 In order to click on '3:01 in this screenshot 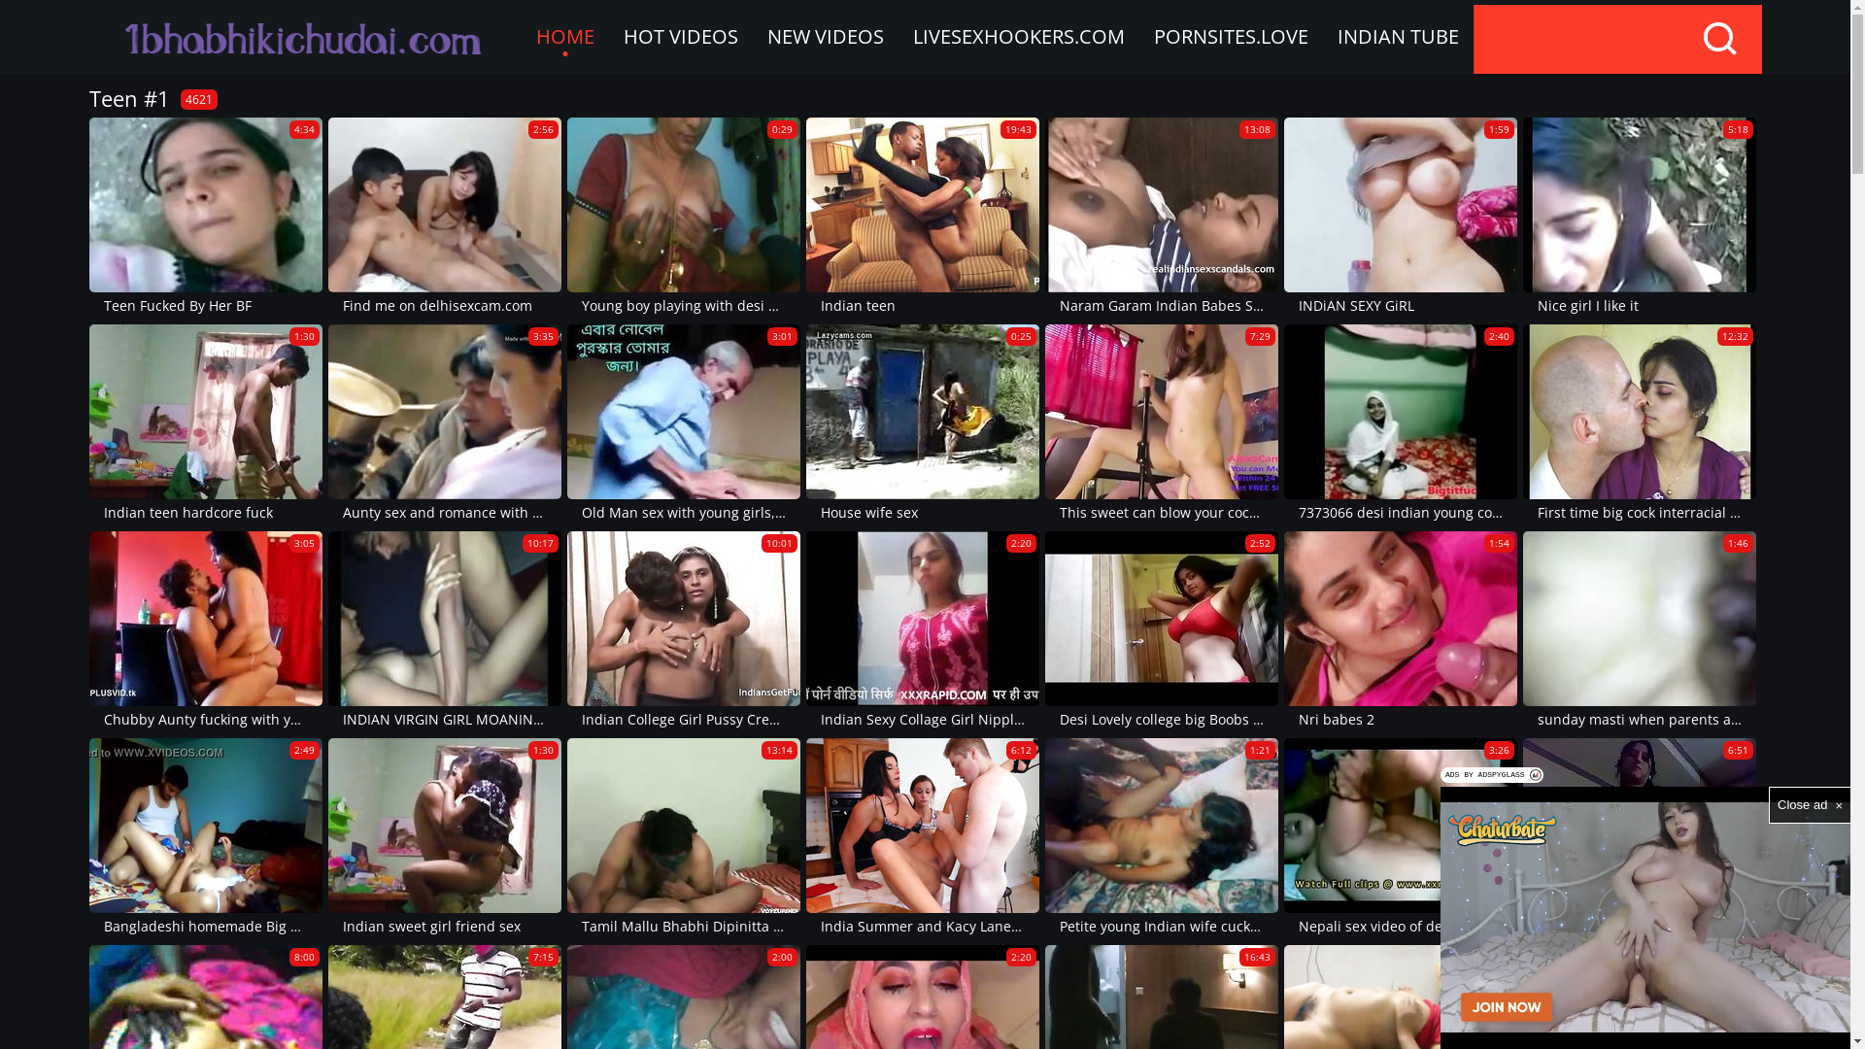, I will do `click(684, 423)`.